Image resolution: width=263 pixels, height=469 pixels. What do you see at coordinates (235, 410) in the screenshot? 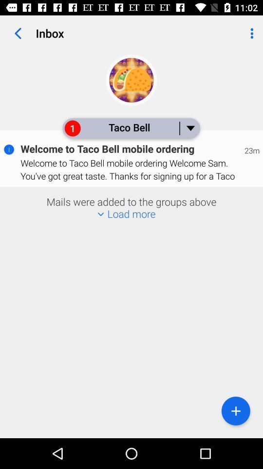
I see `the icon at the bottom right corner` at bounding box center [235, 410].